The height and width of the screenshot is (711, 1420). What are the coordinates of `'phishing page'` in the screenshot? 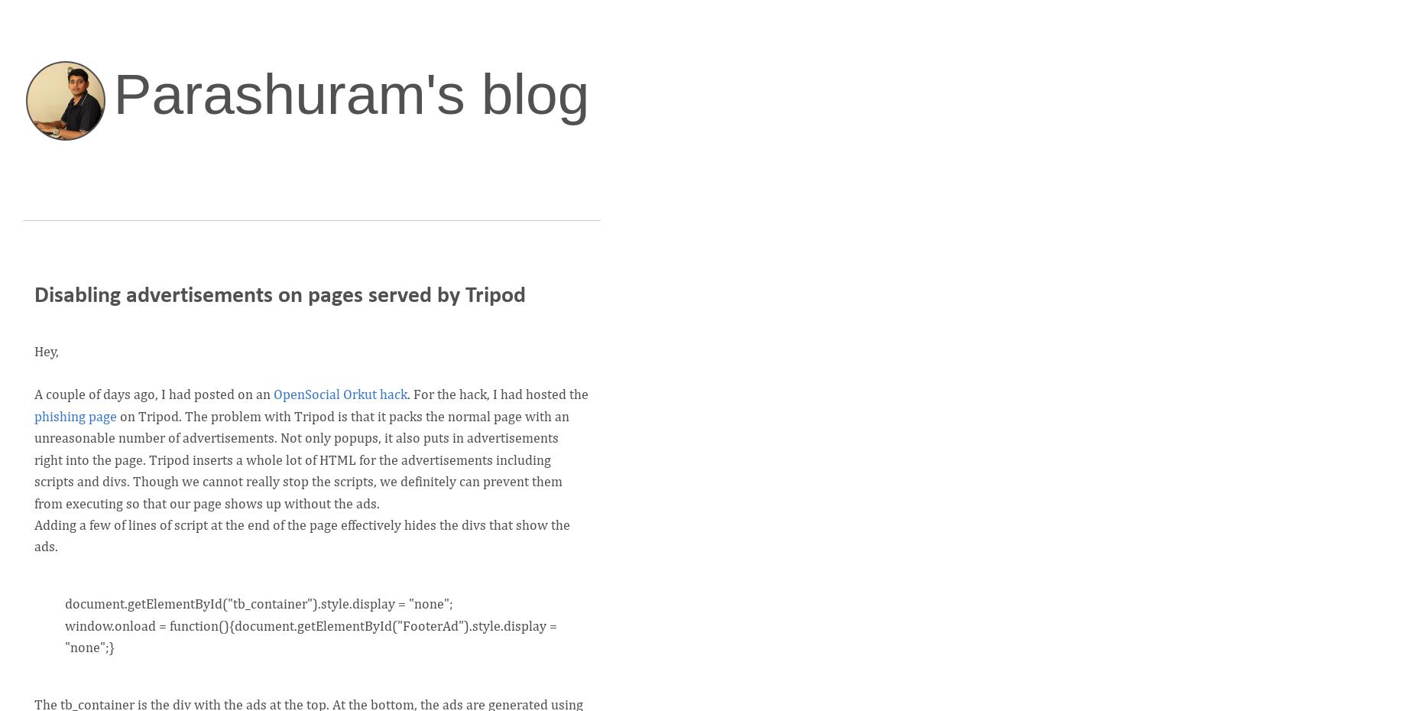 It's located at (33, 416).